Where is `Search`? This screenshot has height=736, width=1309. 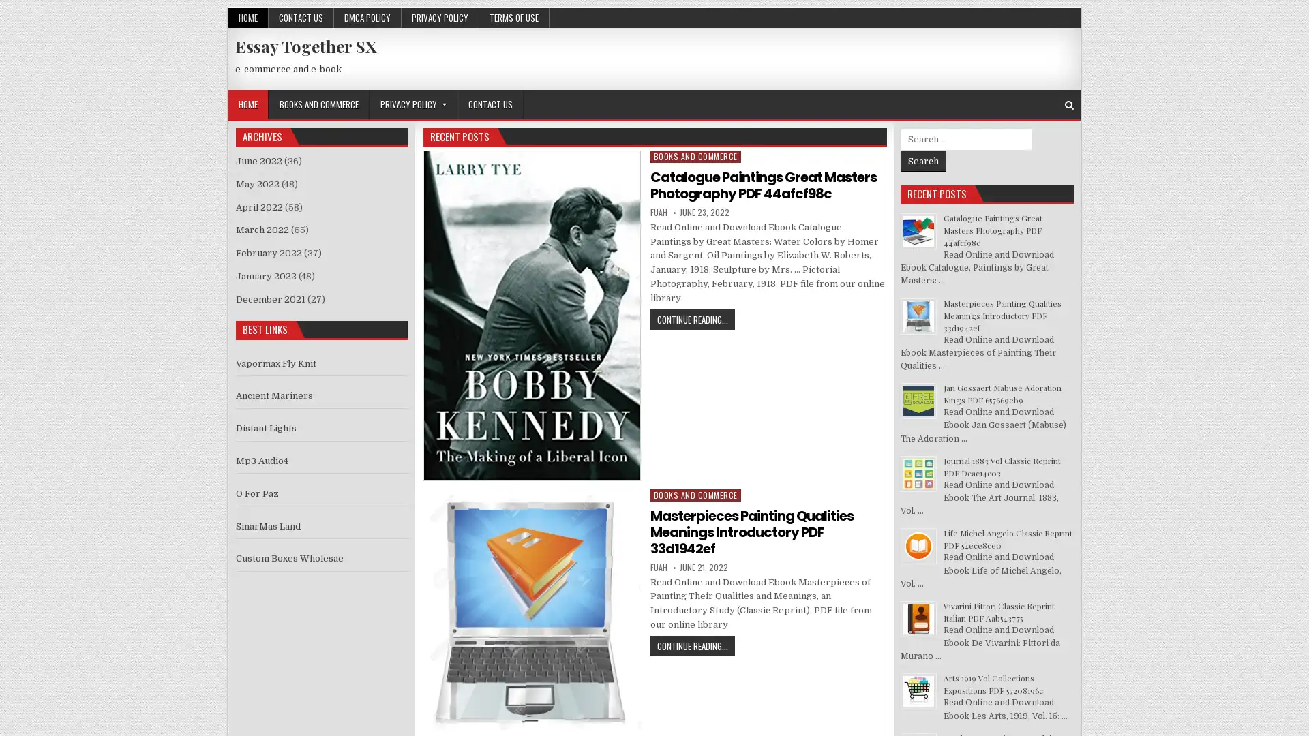 Search is located at coordinates (923, 160).